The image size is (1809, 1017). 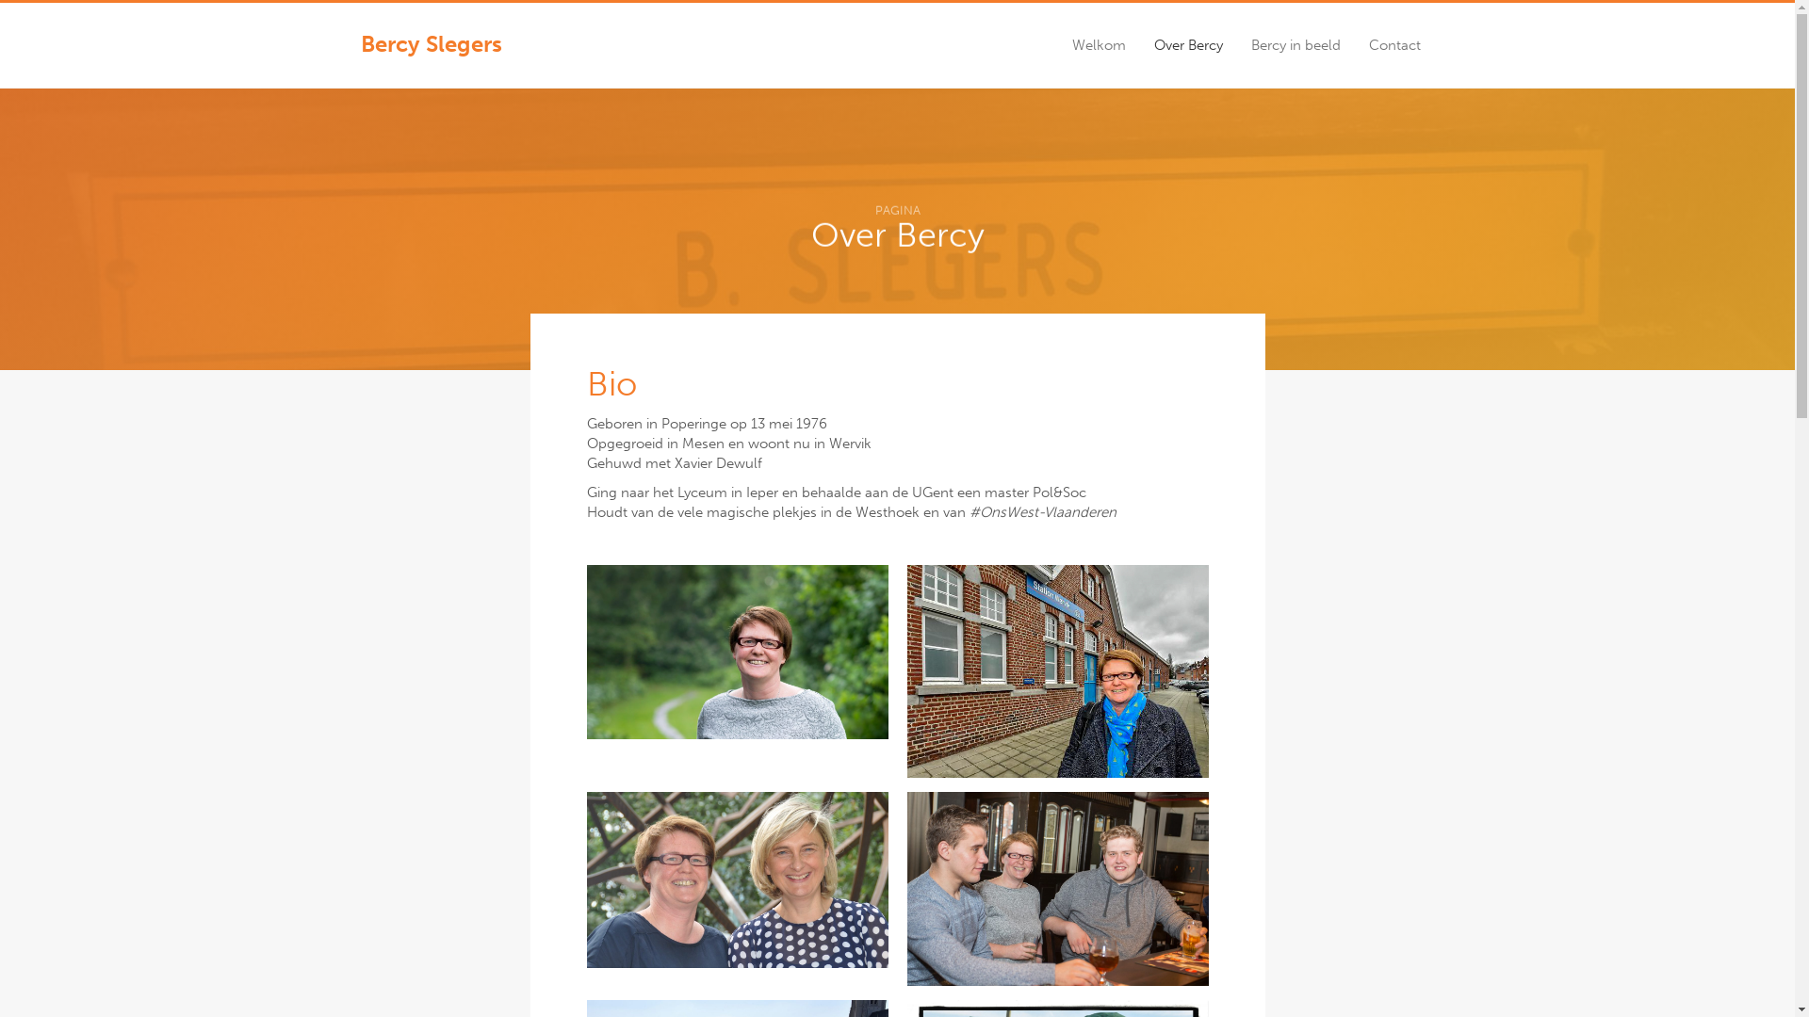 What do you see at coordinates (1187, 43) in the screenshot?
I see `'Over Bercy'` at bounding box center [1187, 43].